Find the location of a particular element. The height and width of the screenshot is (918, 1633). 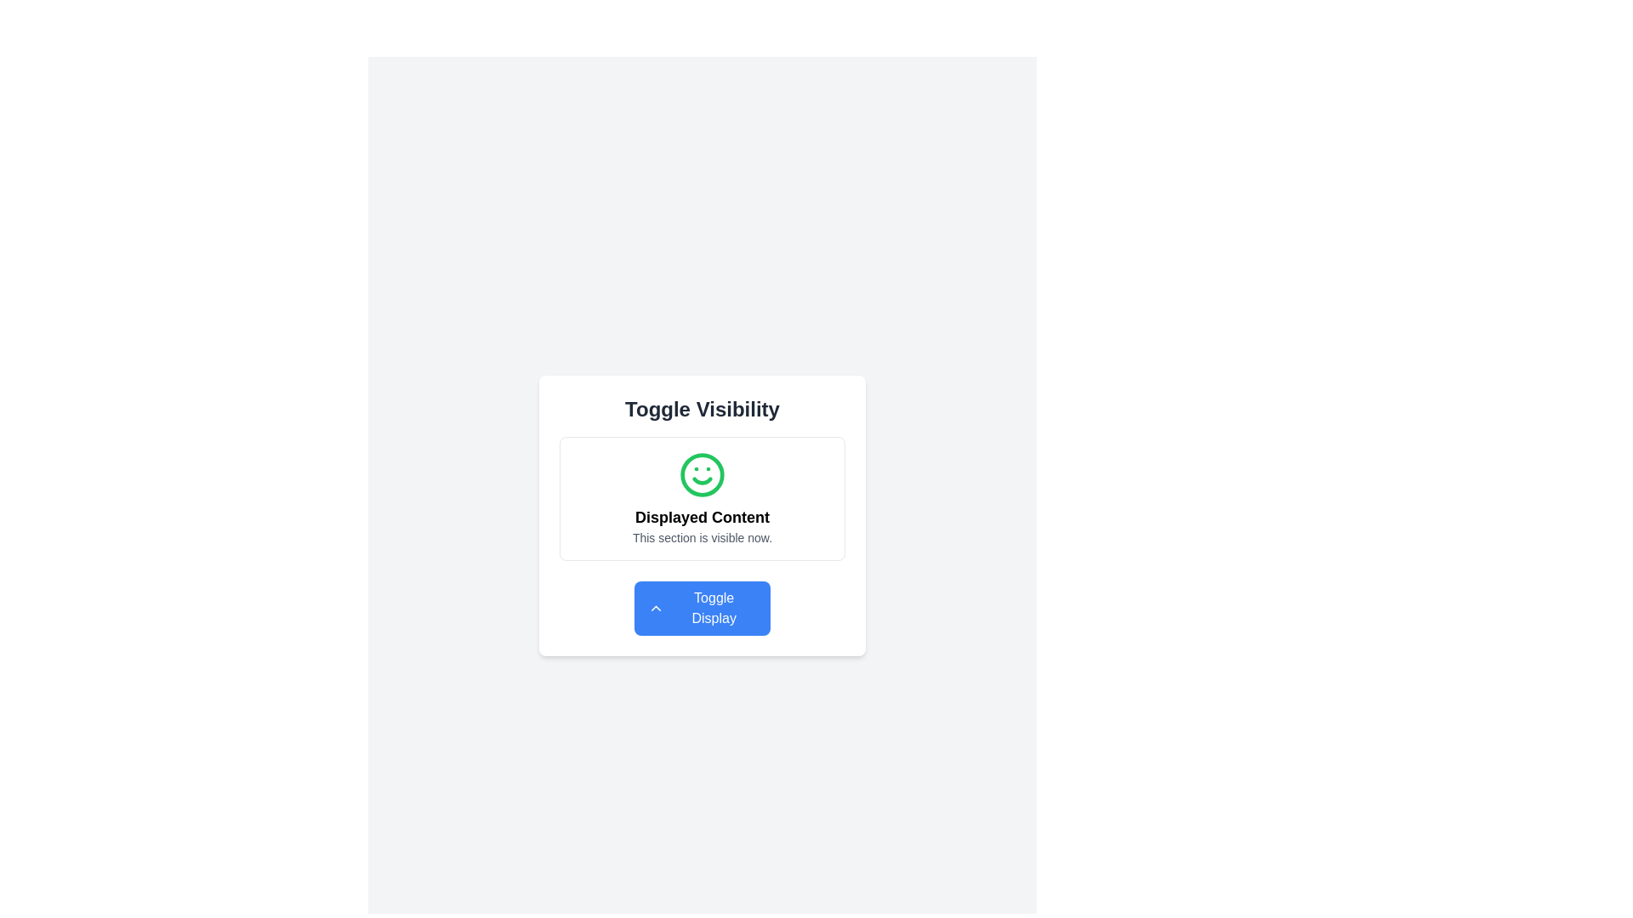

the green circular outline icon with a smiley face, which is located at the center of the interface is located at coordinates (702, 475).